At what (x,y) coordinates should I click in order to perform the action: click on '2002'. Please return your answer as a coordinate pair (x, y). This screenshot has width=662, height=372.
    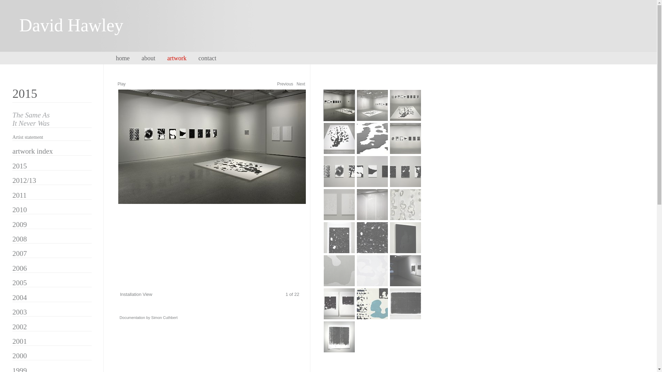
    Looking at the image, I should click on (20, 326).